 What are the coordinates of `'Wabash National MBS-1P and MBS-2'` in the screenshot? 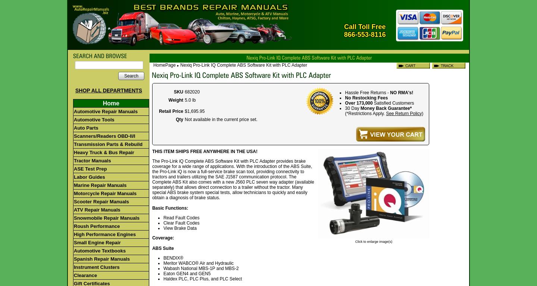 It's located at (163, 268).